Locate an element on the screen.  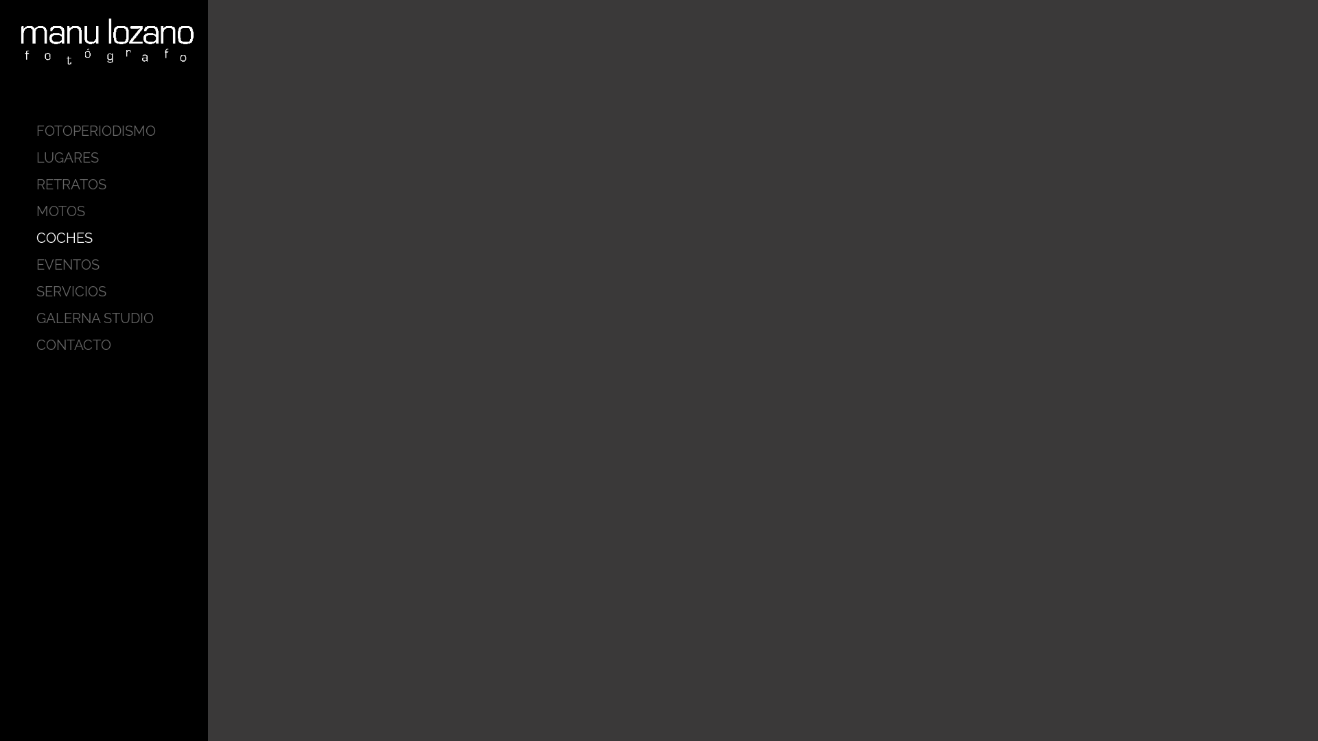
'SERVICIOS' is located at coordinates (29, 290).